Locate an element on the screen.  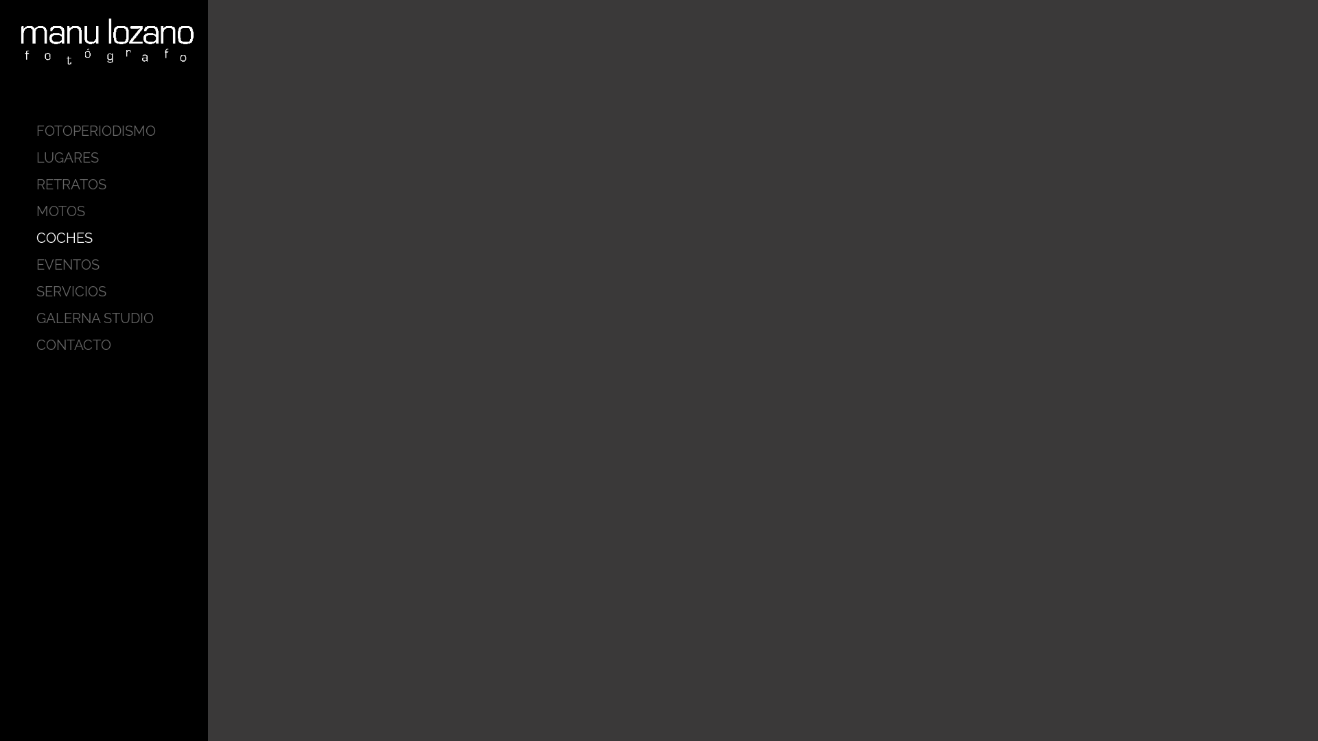
'SERVICIOS' is located at coordinates (29, 290).